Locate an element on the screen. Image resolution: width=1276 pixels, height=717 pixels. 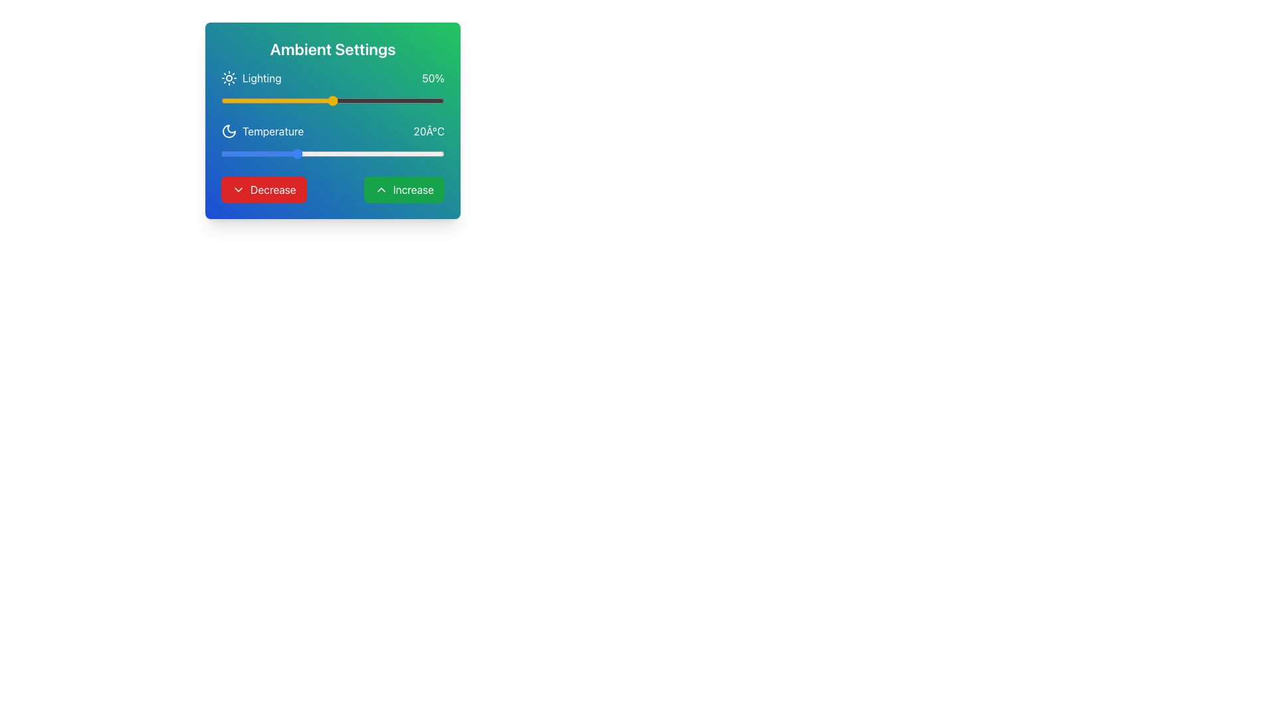
the lighting level is located at coordinates (287, 100).